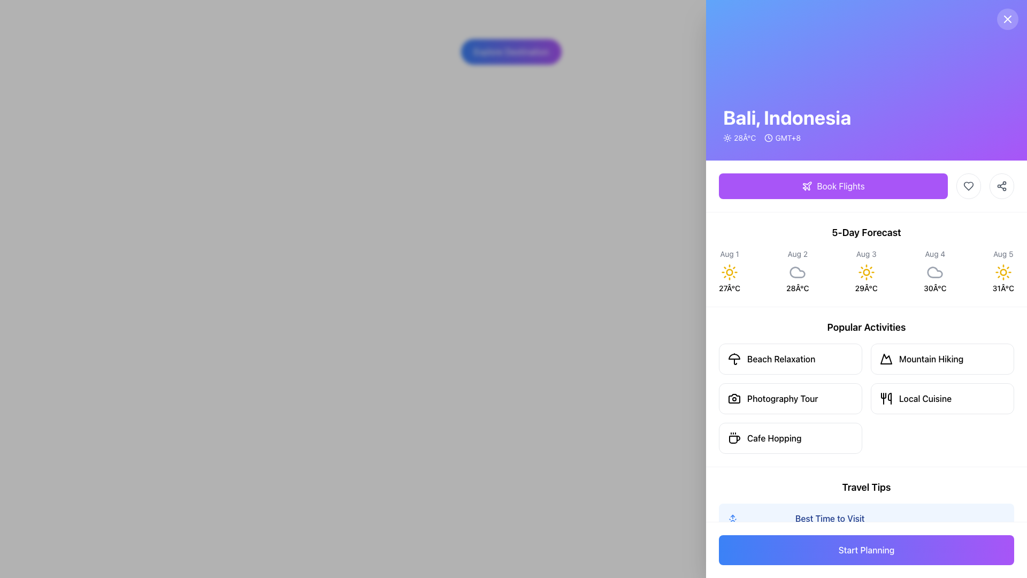 The width and height of the screenshot is (1027, 578). Describe the element at coordinates (739, 138) in the screenshot. I see `temperature information displayed next to the sun icon for Bali, Indonesia` at that location.